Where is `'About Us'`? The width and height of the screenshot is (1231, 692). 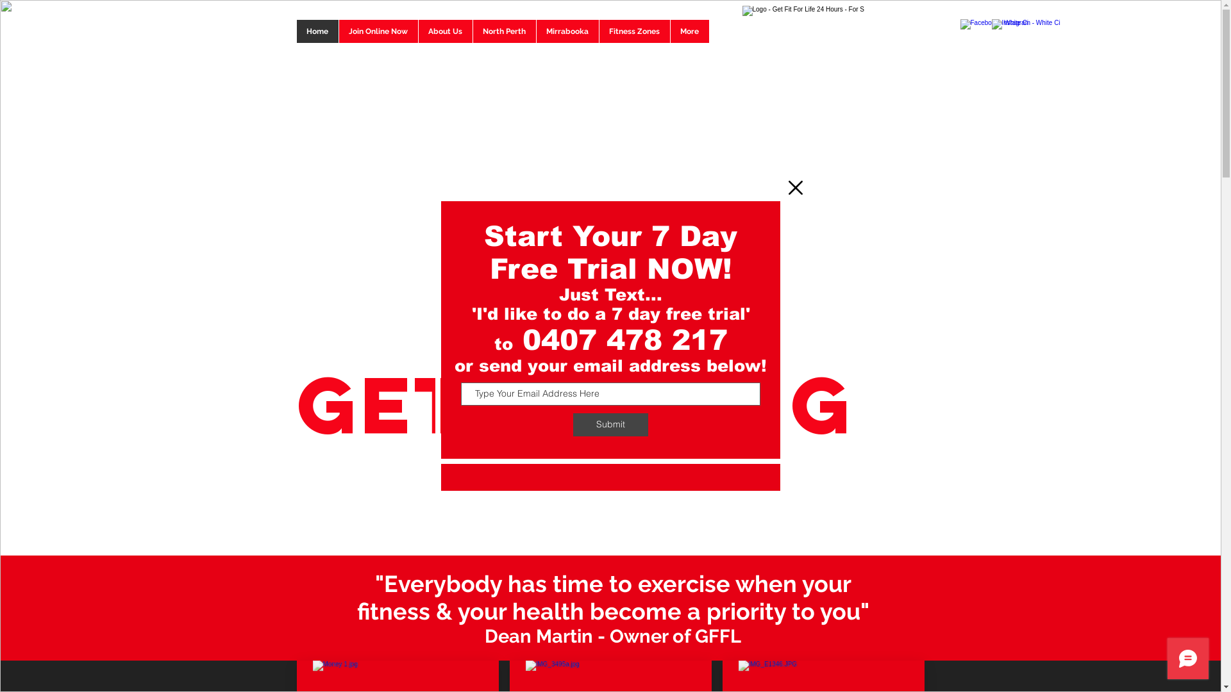
'About Us' is located at coordinates (445, 31).